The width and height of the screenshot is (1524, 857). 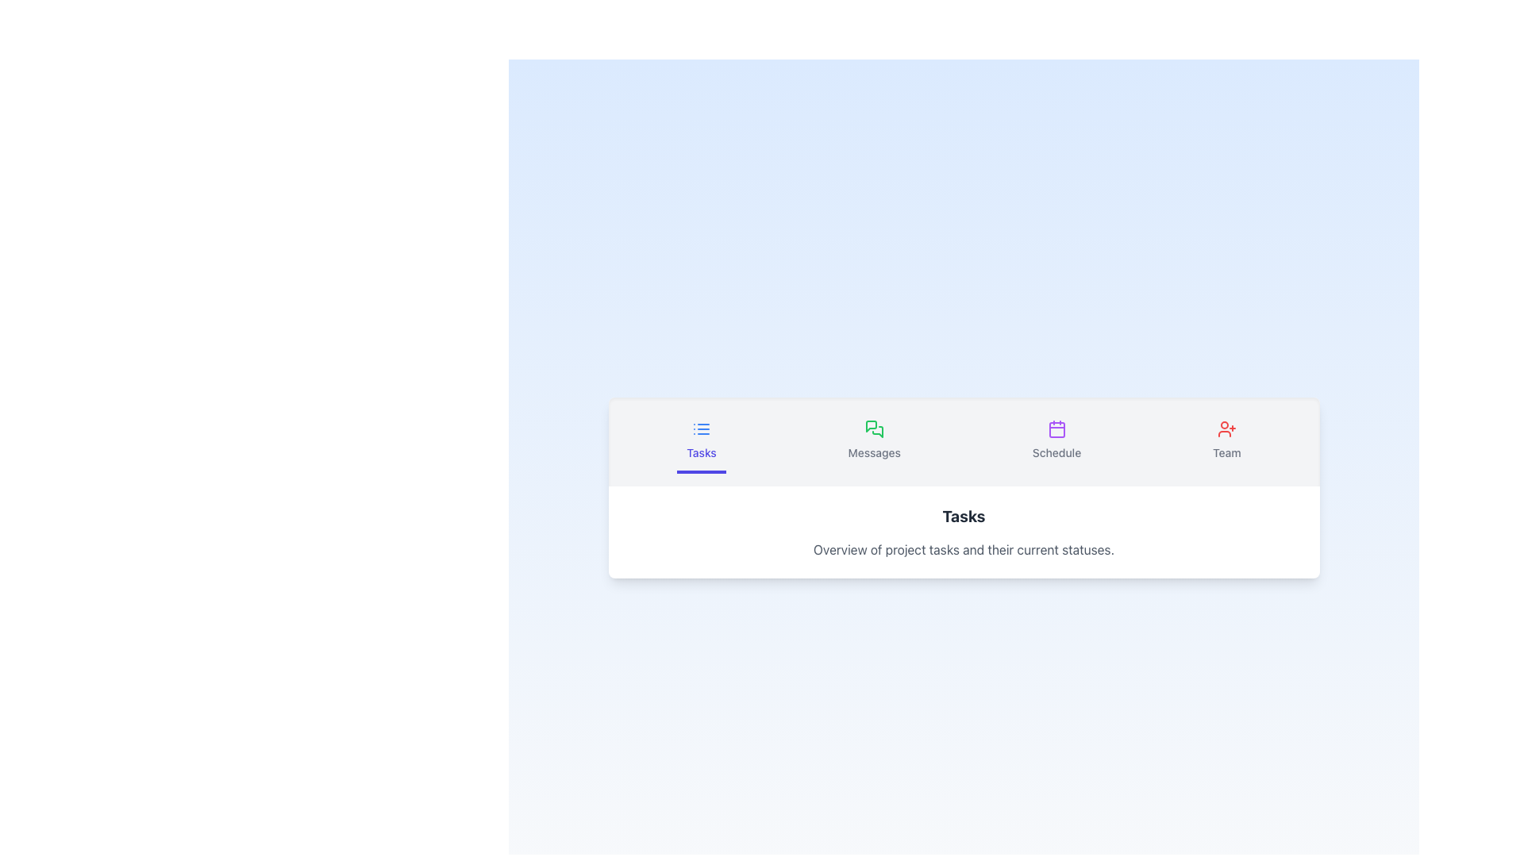 What do you see at coordinates (1056, 441) in the screenshot?
I see `the 'Schedule' button in the horizontal navigation menu` at bounding box center [1056, 441].